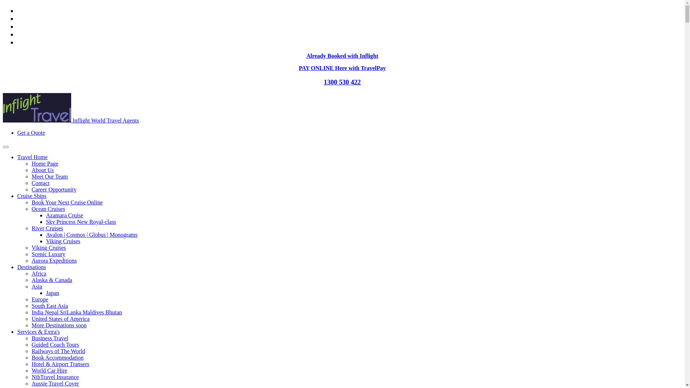  Describe the element at coordinates (38, 332) in the screenshot. I see `'Services & Extra's'` at that location.